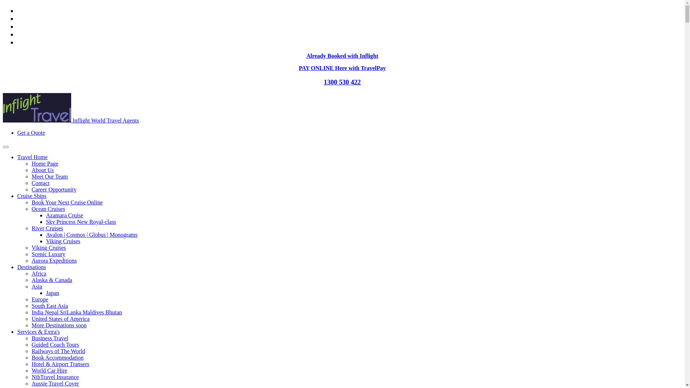  Describe the element at coordinates (38, 332) in the screenshot. I see `'Services & Extra's'` at that location.